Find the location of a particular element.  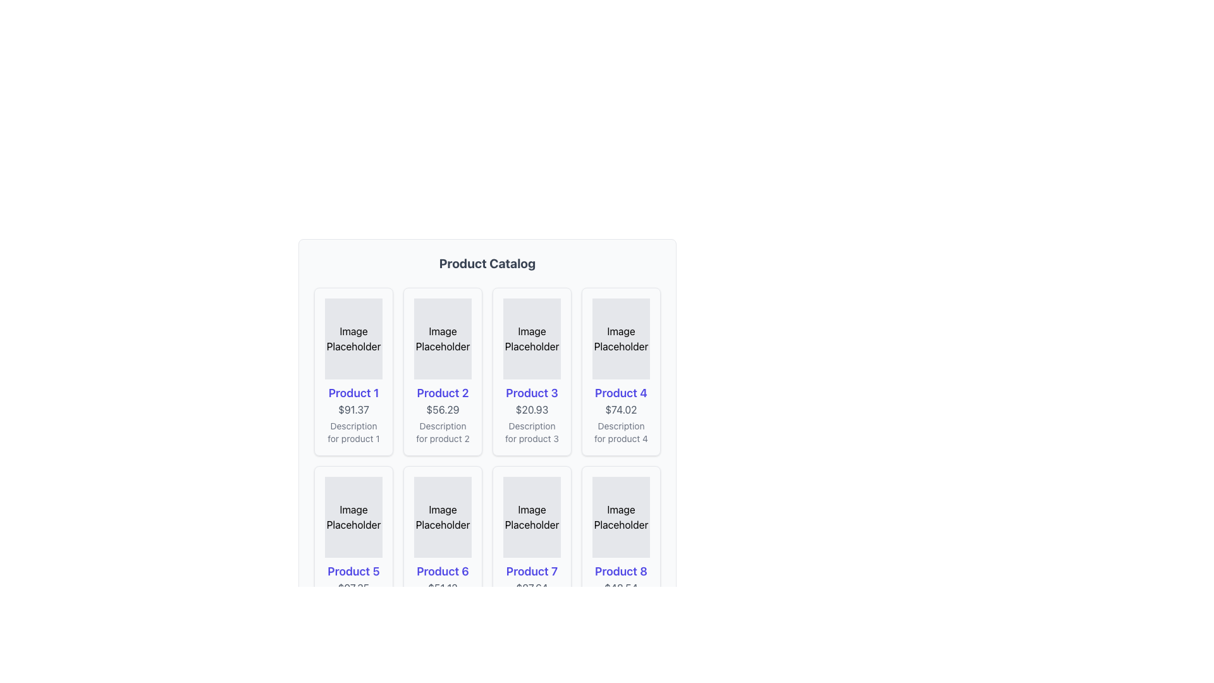

the Text Label displaying the price '$97.35' located in the 'Product 5' card, which is in the second row, first column of the product grid is located at coordinates (353, 588).